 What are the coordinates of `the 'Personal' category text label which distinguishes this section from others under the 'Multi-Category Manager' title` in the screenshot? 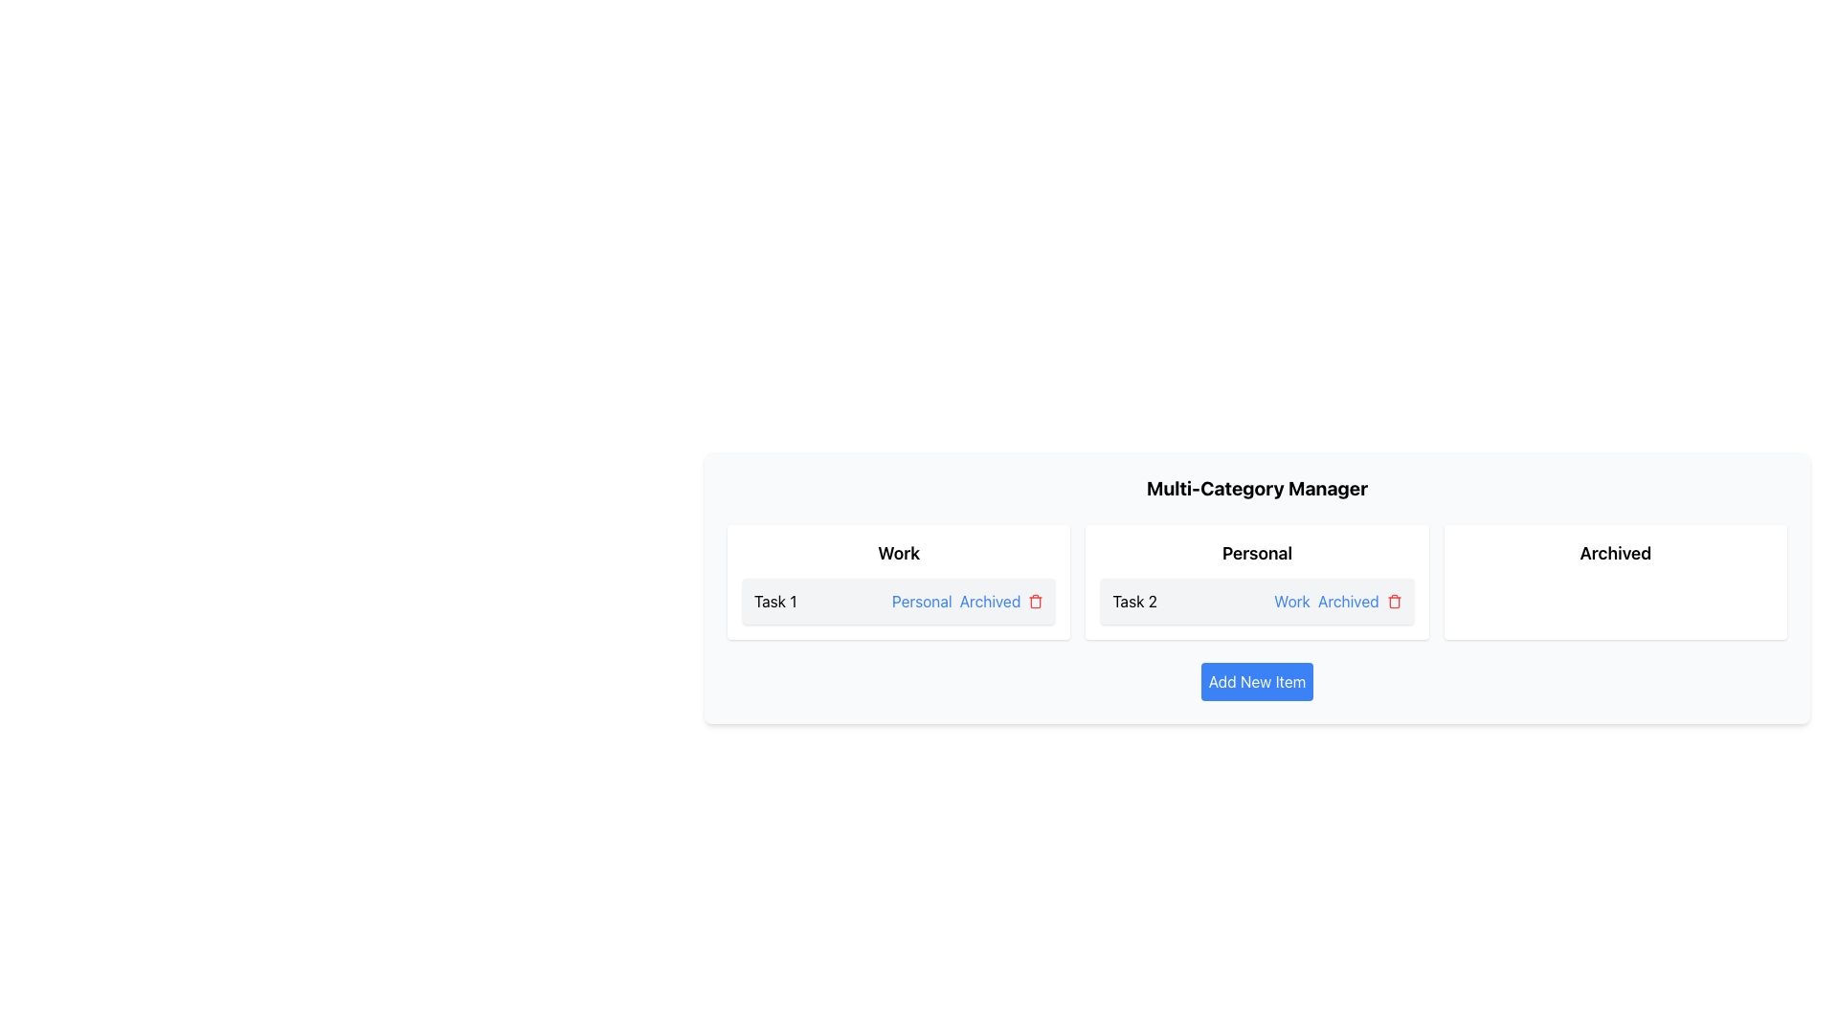 It's located at (1257, 553).